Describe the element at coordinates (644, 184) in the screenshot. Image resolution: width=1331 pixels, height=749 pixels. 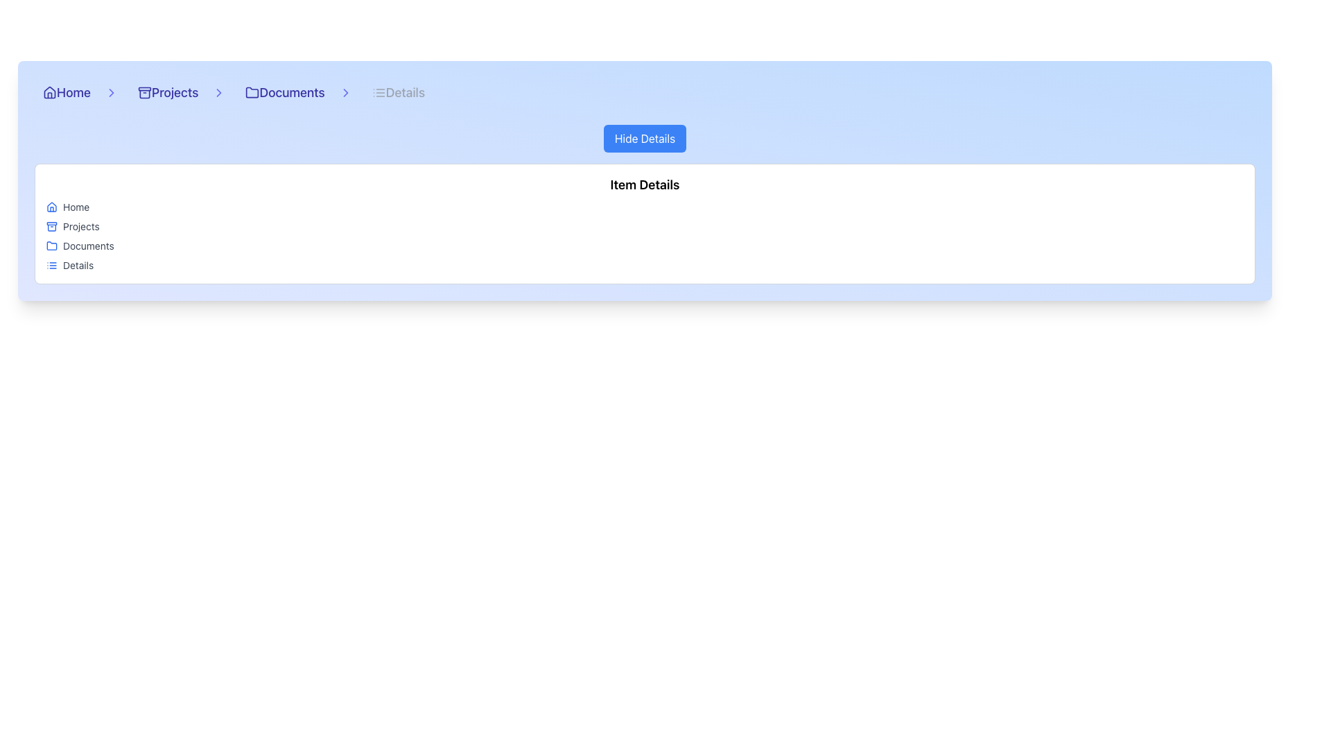
I see `the Text Label that serves as a heading for the content displayed below the blue header bar` at that location.